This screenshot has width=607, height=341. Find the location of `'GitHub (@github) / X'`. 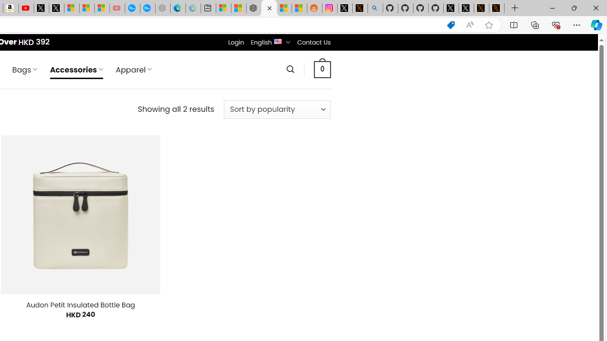

'GitHub (@github) / X' is located at coordinates (466, 8).